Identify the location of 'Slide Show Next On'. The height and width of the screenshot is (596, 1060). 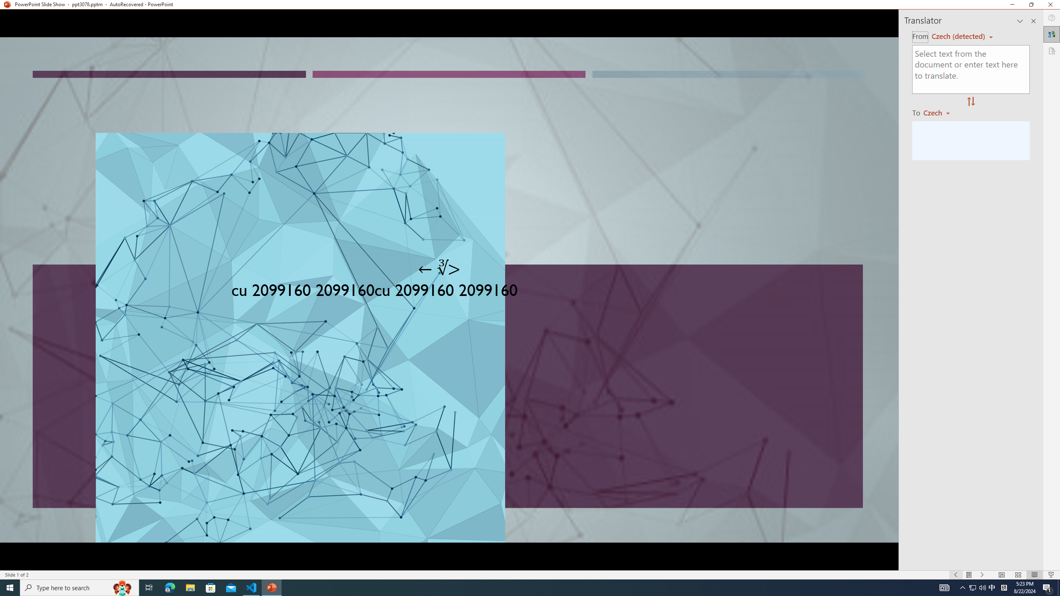
(982, 575).